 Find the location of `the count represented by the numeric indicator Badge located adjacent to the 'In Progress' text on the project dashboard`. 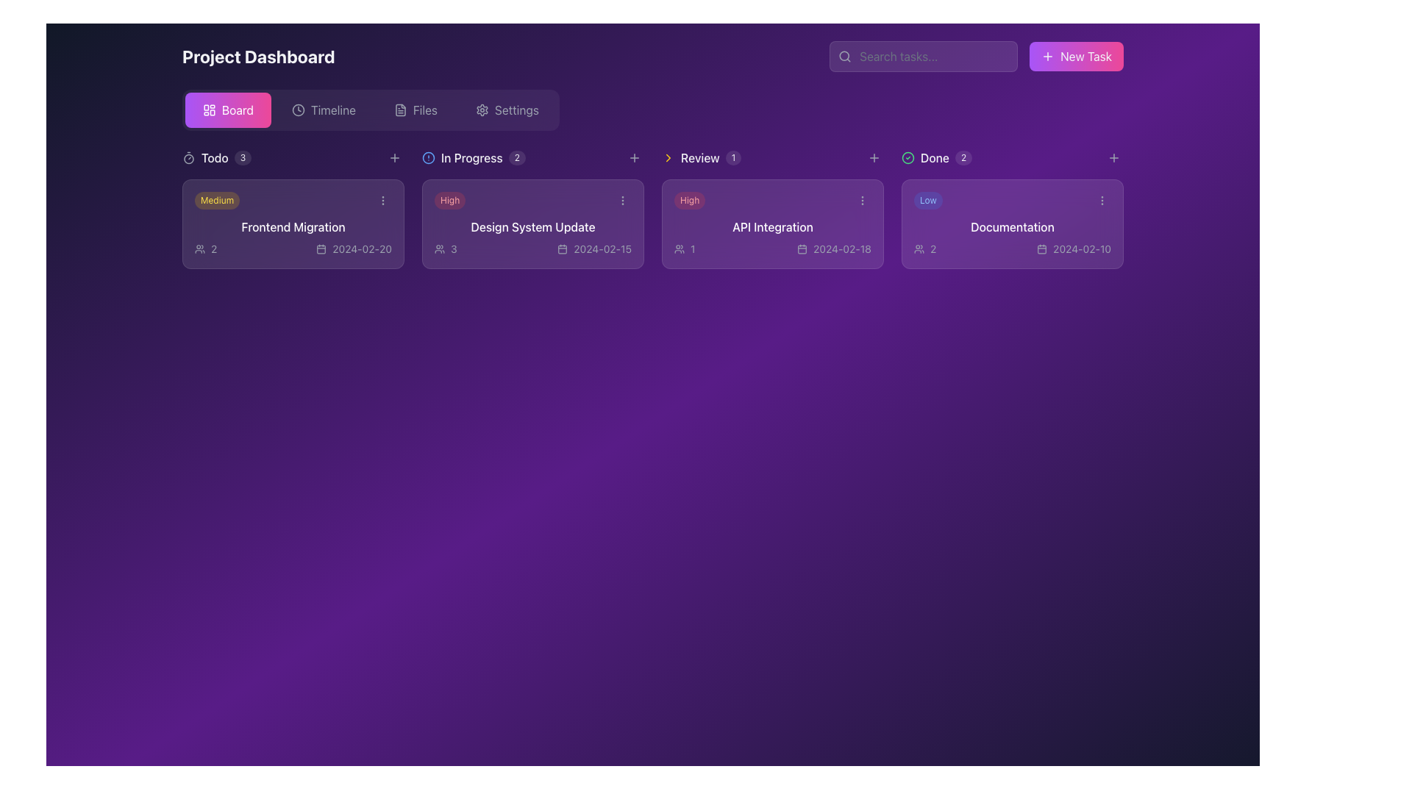

the count represented by the numeric indicator Badge located adjacent to the 'In Progress' text on the project dashboard is located at coordinates (517, 158).